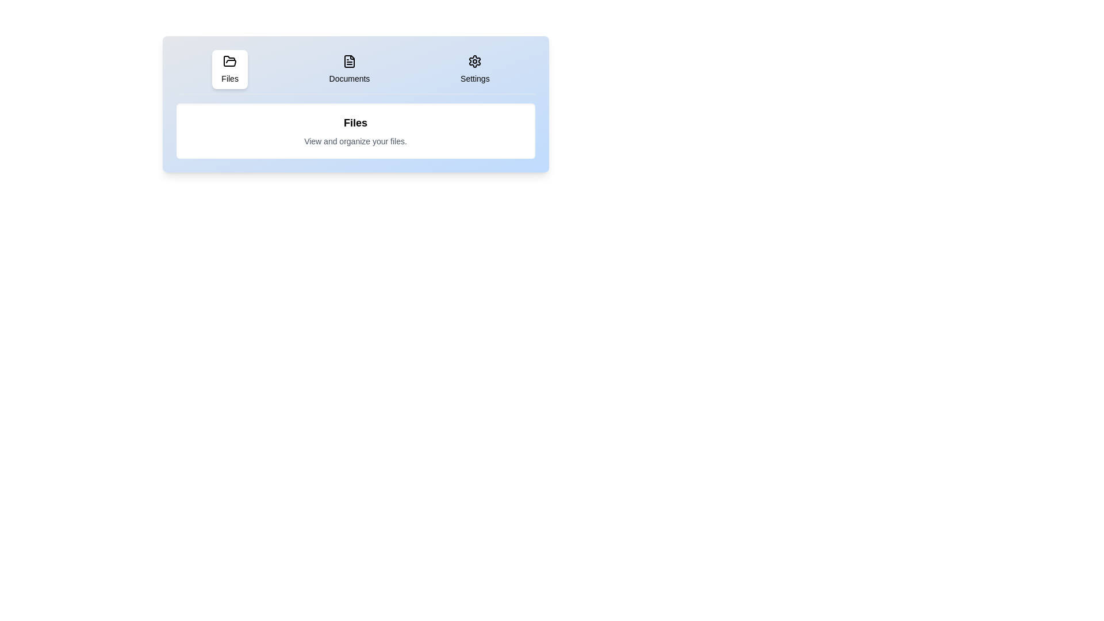 The image size is (1104, 621). Describe the element at coordinates (475, 69) in the screenshot. I see `the Settings tab to see its hover effect` at that location.